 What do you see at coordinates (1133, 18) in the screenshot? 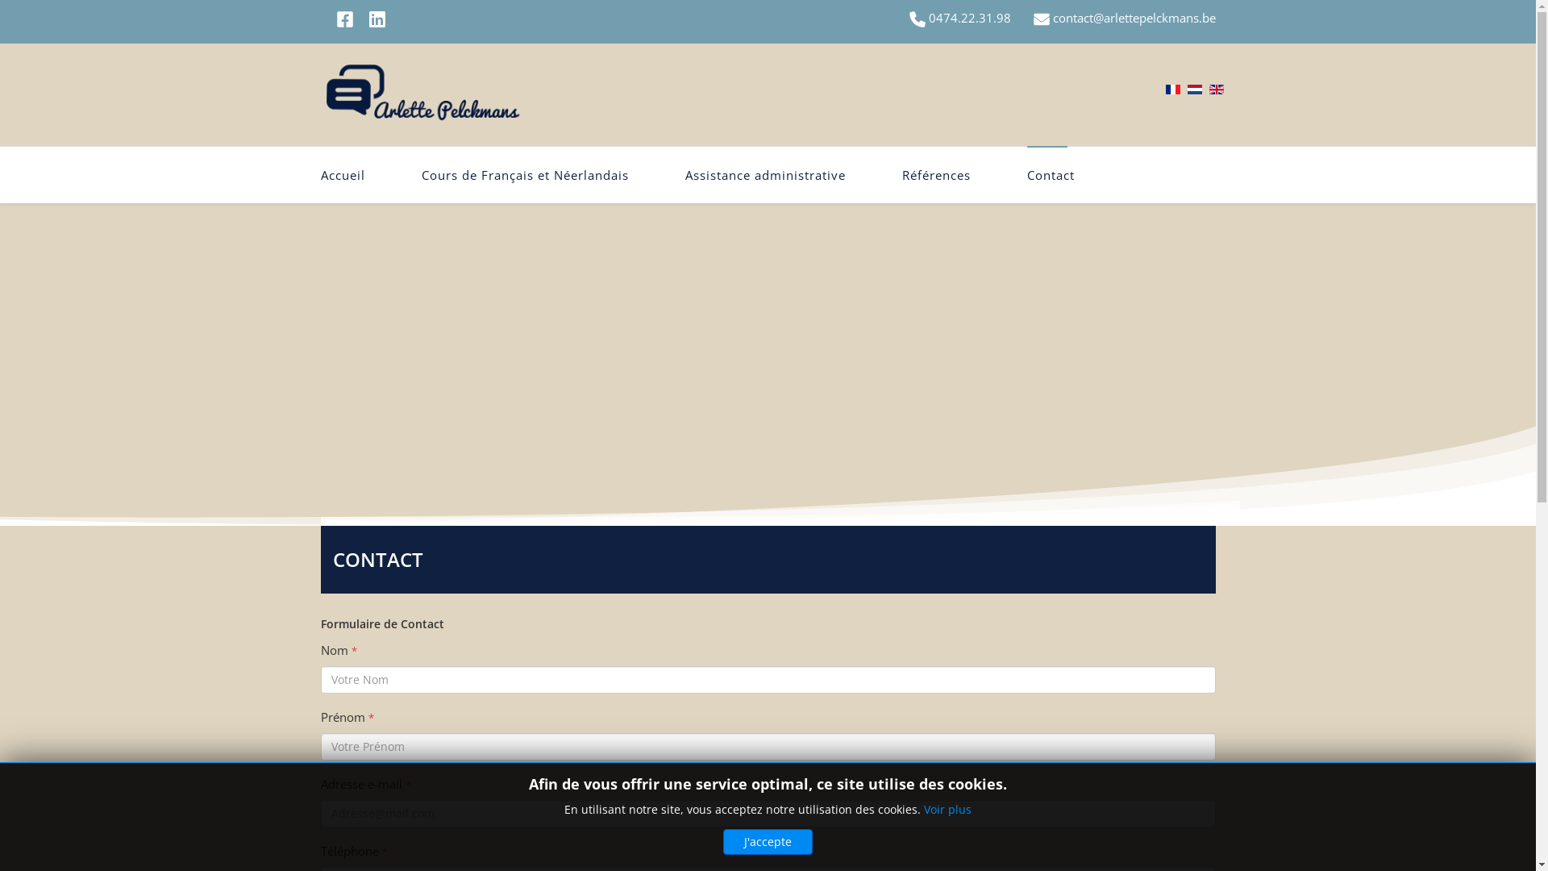
I see `'contact@arlettepelckmans.be'` at bounding box center [1133, 18].